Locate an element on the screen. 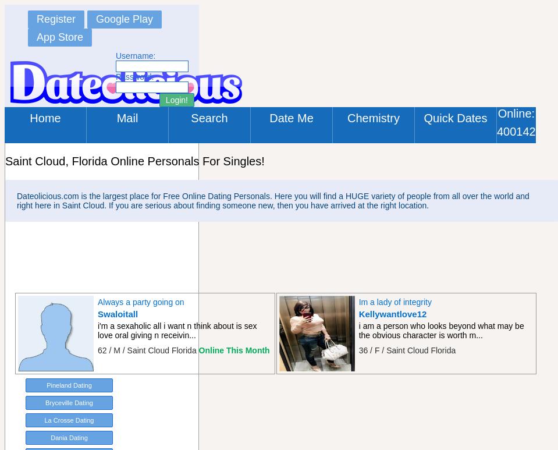 This screenshot has width=558, height=450. 'Always a party going on' is located at coordinates (140, 302).